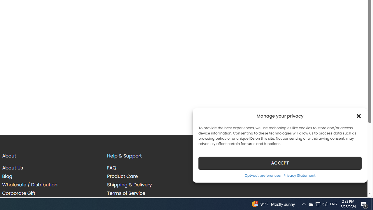 Image resolution: width=373 pixels, height=210 pixels. What do you see at coordinates (12, 168) in the screenshot?
I see `'About Us'` at bounding box center [12, 168].